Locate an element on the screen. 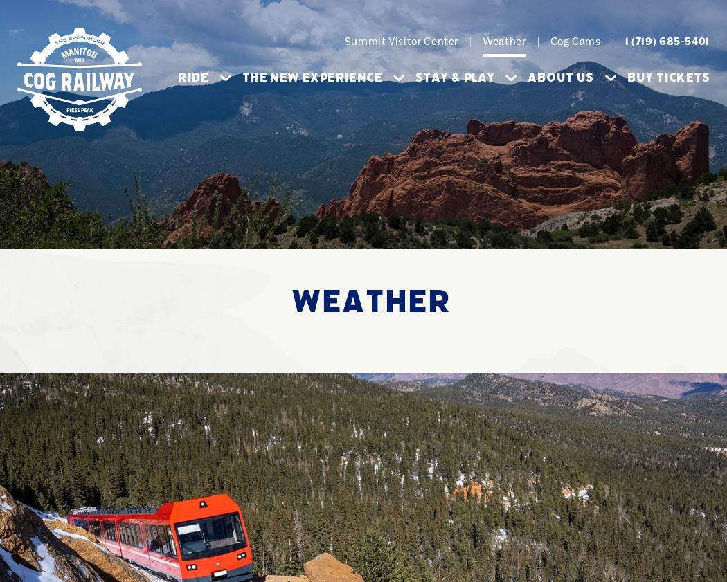 This screenshot has height=582, width=727. 'Discover All About Us.' is located at coordinates (422, 334).